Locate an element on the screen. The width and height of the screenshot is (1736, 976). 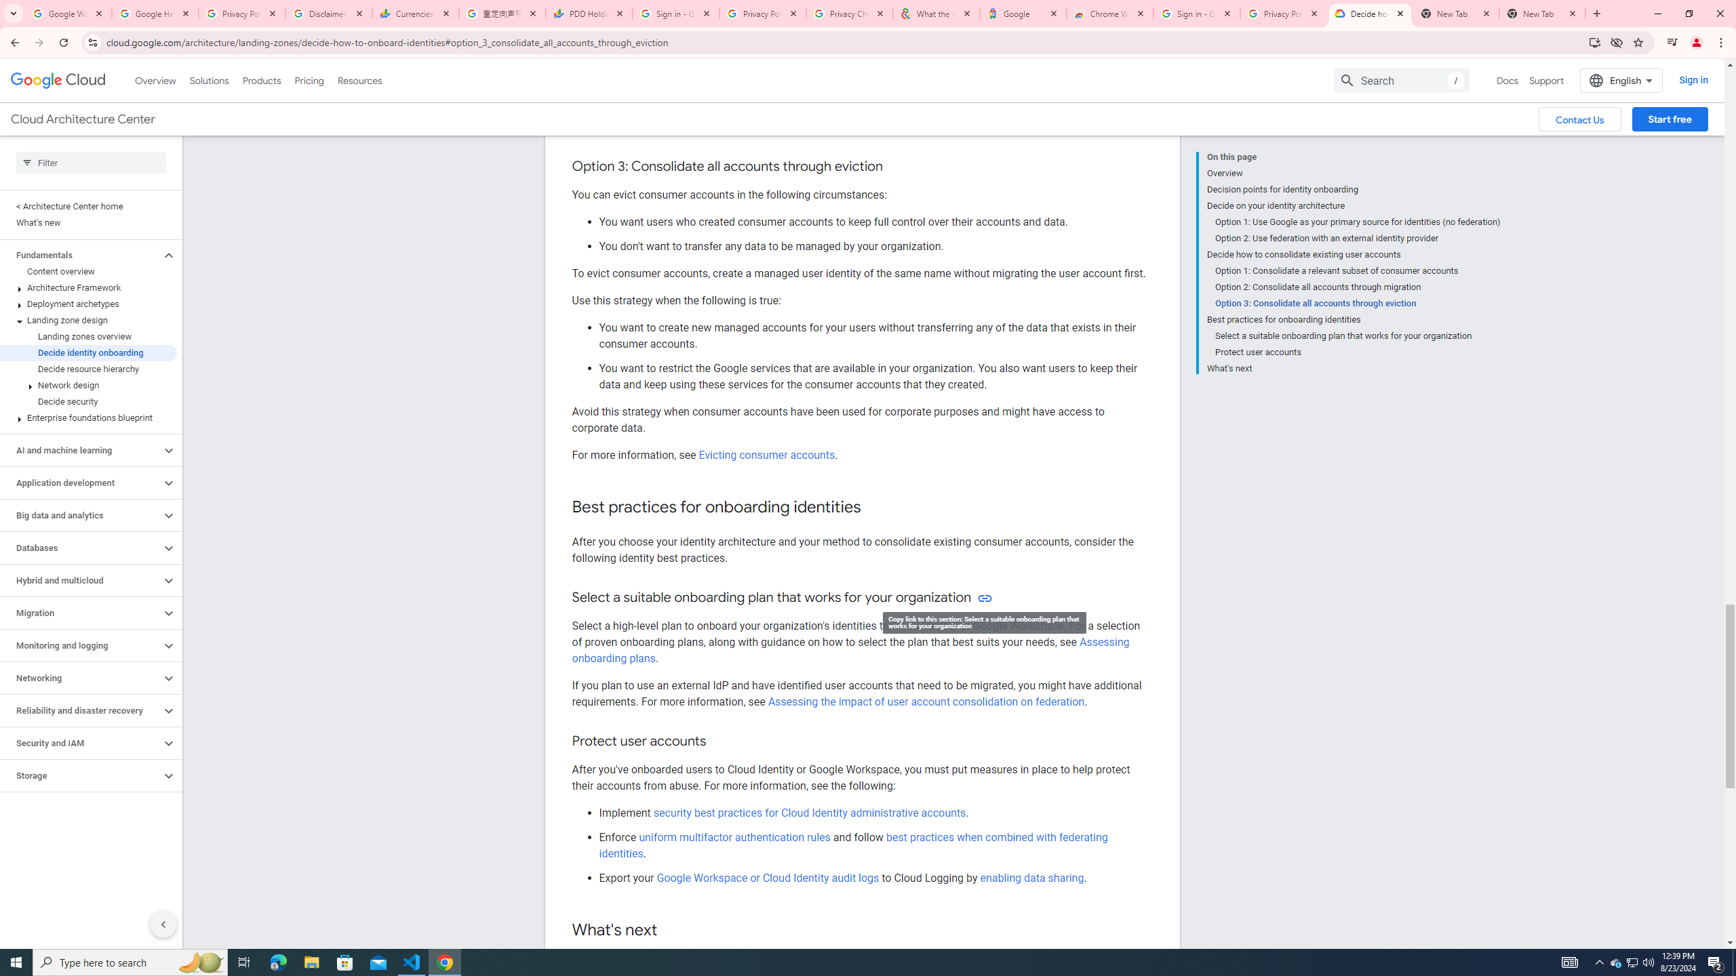
'New Tab' is located at coordinates (1542, 13).